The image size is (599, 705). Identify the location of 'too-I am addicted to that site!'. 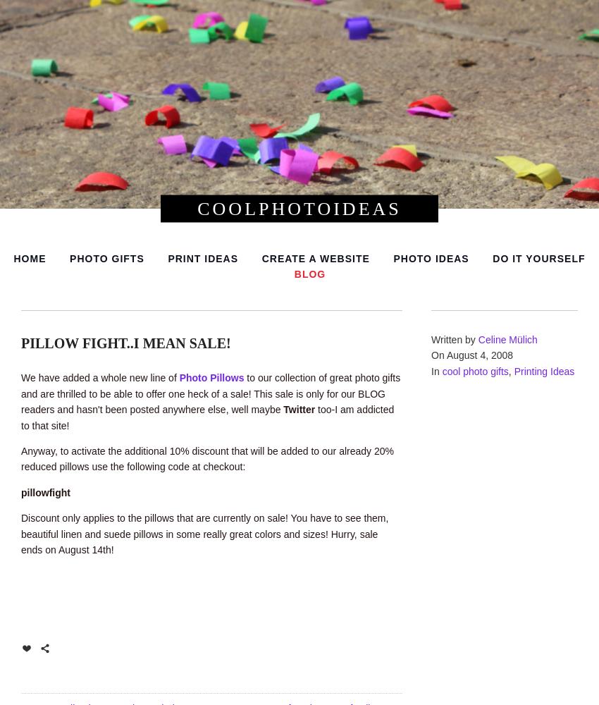
(206, 417).